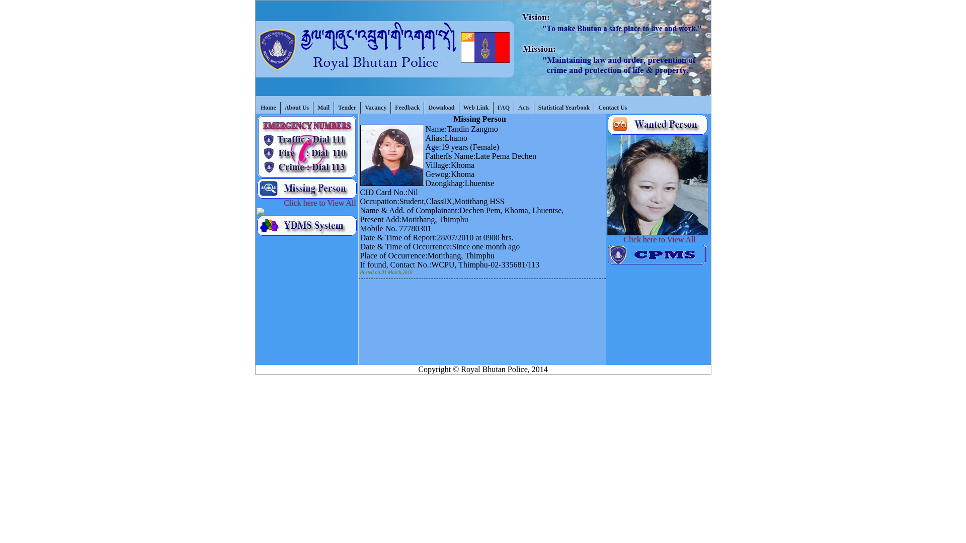 This screenshot has width=966, height=543. Describe the element at coordinates (504, 108) in the screenshot. I see `'FAQ'` at that location.